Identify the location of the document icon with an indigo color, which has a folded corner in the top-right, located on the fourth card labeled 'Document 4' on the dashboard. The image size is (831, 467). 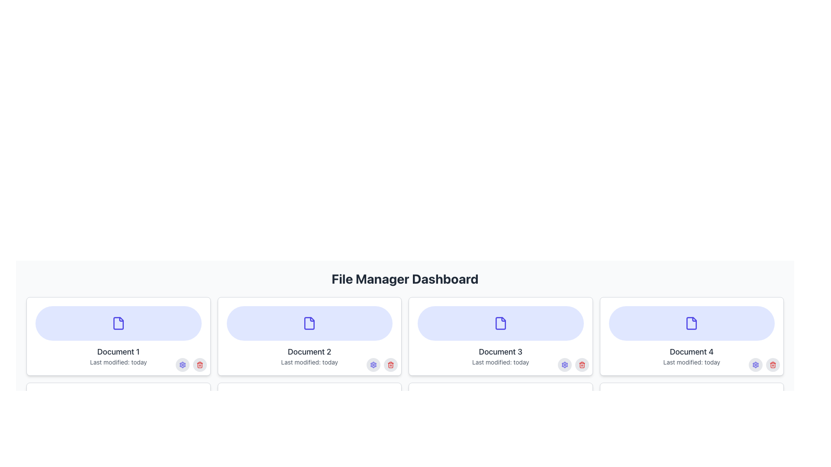
(691, 323).